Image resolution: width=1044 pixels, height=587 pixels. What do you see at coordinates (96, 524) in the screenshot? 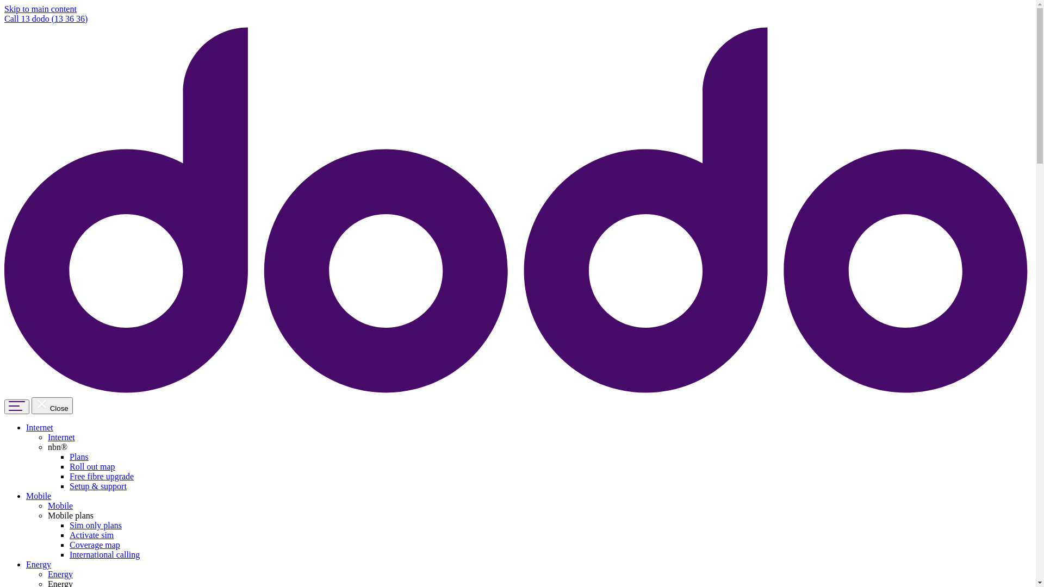
I see `'Sim only plans'` at bounding box center [96, 524].